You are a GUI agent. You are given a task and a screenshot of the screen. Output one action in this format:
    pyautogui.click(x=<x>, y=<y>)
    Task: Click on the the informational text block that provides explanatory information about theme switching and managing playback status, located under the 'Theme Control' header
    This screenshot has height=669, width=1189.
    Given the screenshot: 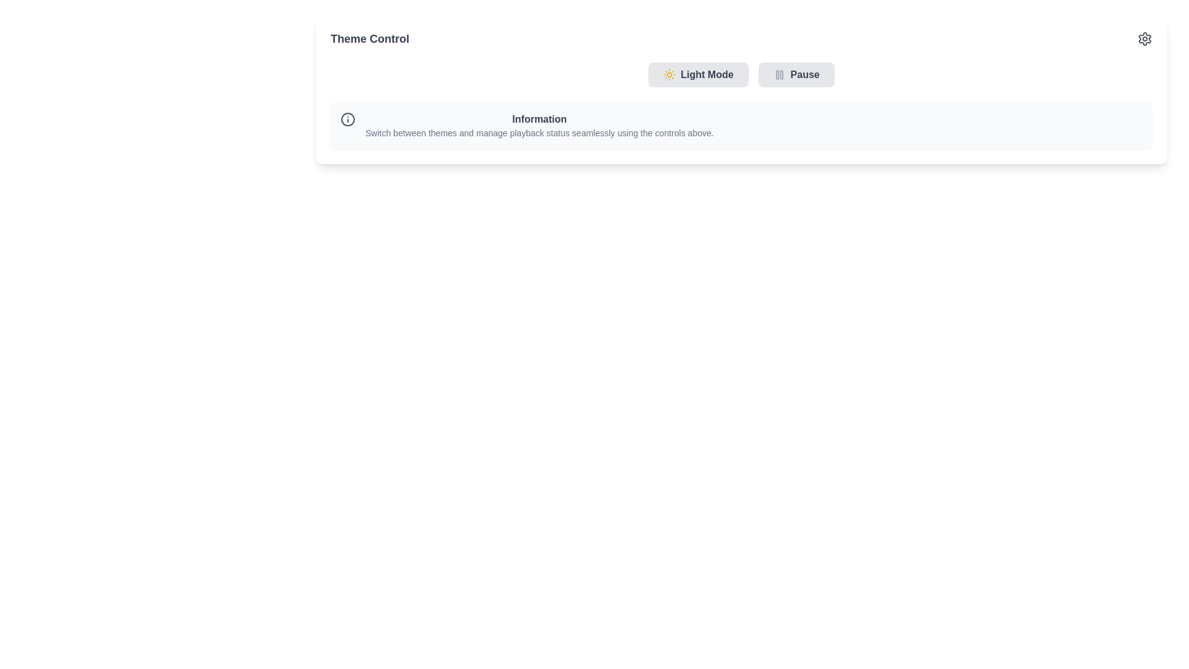 What is the action you would take?
    pyautogui.click(x=539, y=126)
    